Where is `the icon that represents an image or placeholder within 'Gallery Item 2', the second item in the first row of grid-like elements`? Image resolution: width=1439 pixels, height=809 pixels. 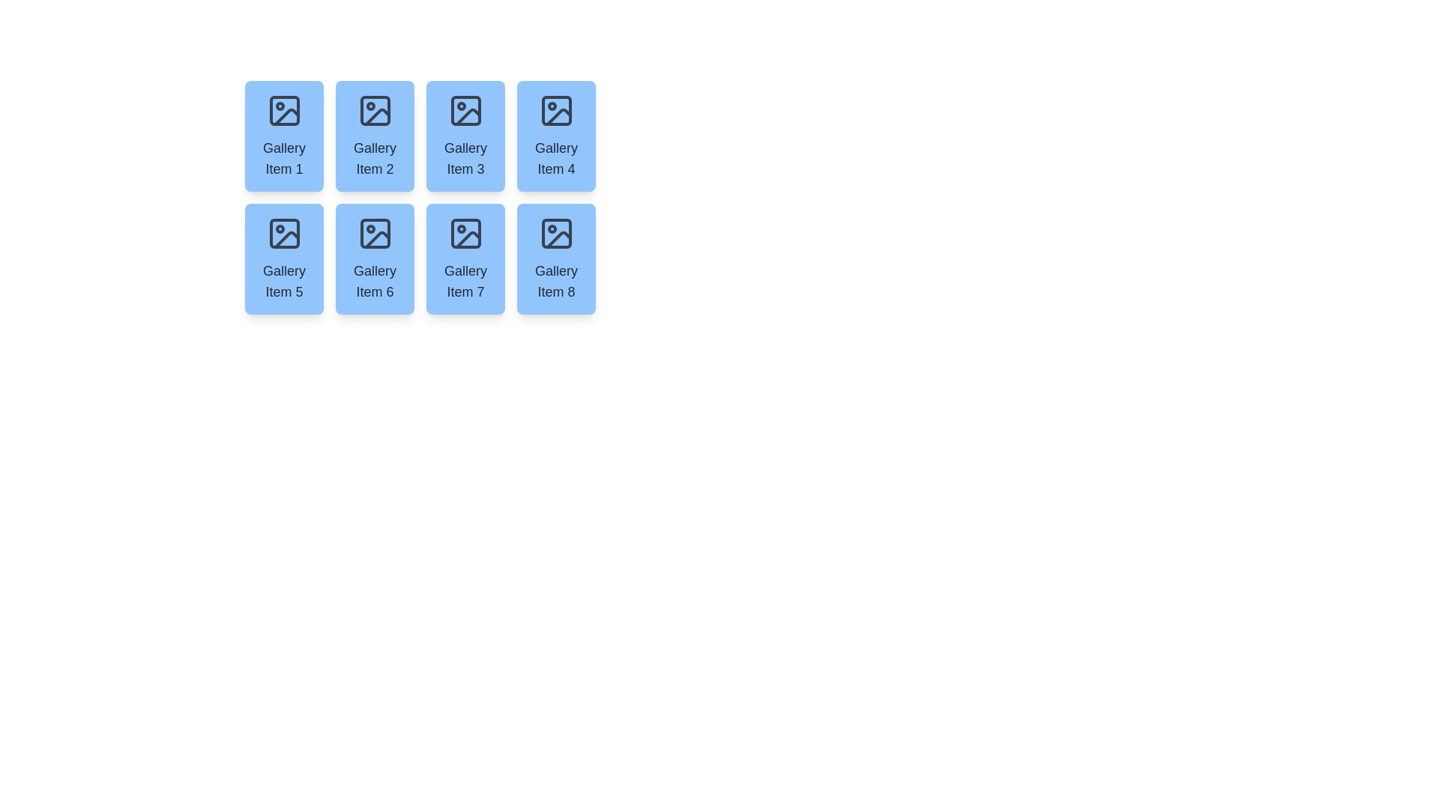
the icon that represents an image or placeholder within 'Gallery Item 2', the second item in the first row of grid-like elements is located at coordinates (375, 109).